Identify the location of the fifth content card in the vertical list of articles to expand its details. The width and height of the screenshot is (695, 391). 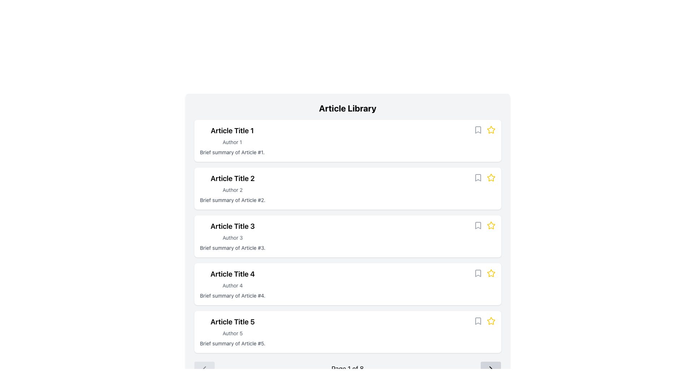
(232, 332).